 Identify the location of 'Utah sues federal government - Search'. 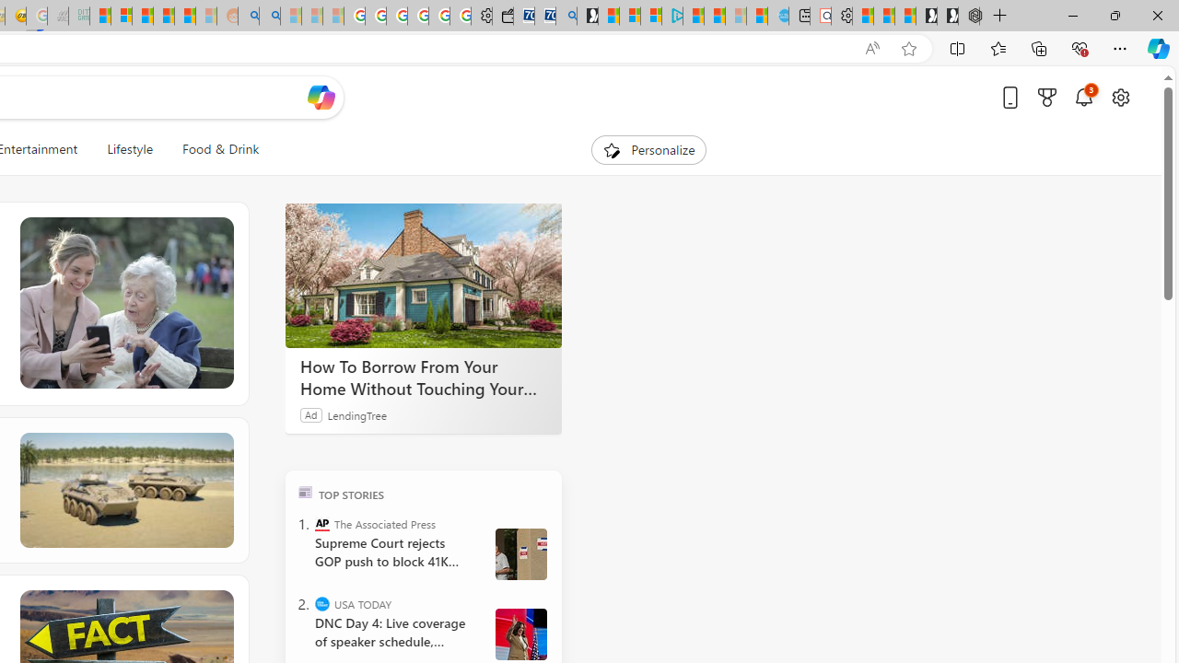
(269, 16).